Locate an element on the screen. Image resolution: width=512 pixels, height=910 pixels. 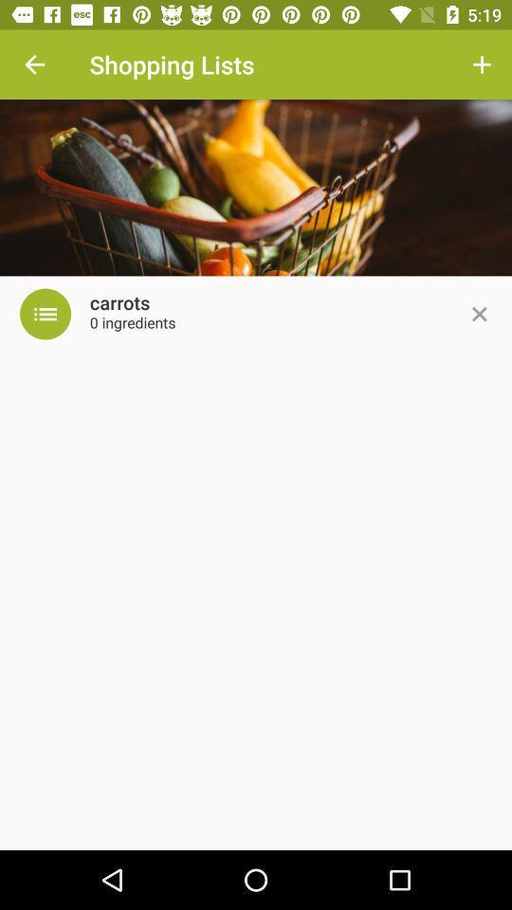
carrots is located at coordinates (119, 303).